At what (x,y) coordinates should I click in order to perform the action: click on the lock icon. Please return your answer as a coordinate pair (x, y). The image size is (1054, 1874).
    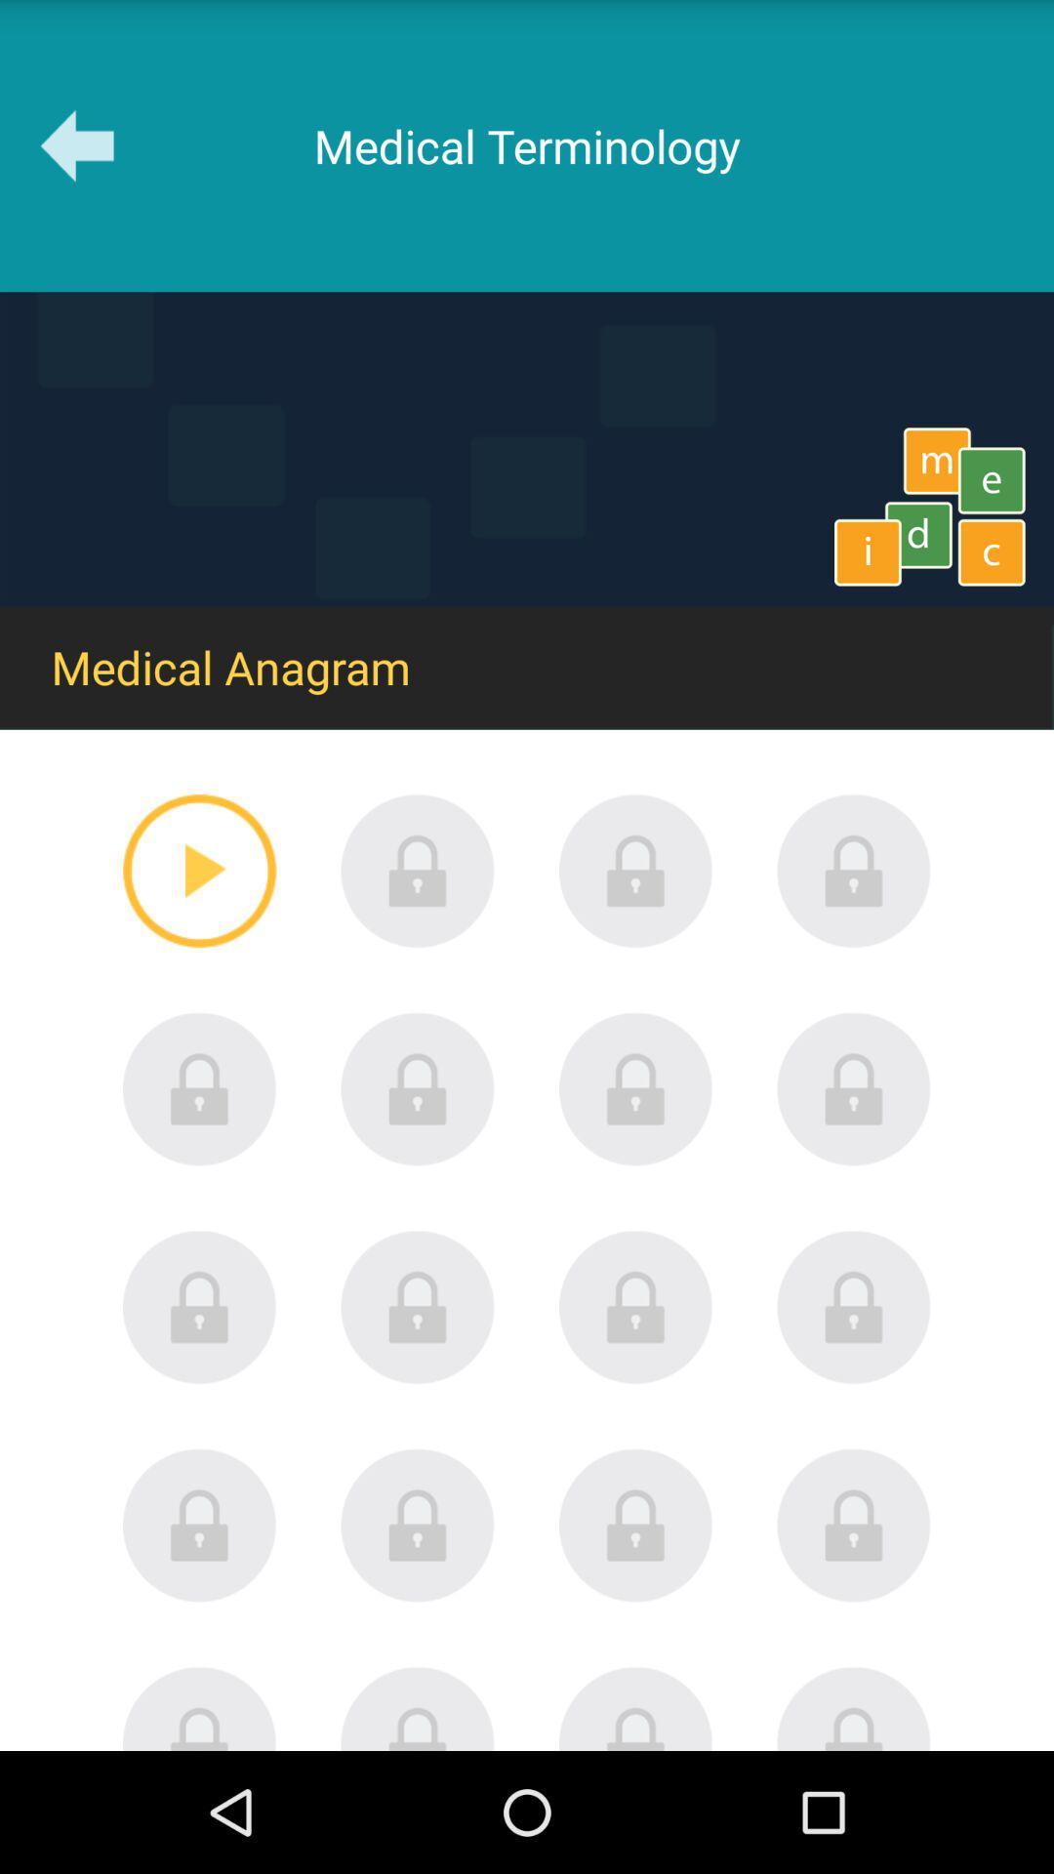
    Looking at the image, I should click on (635, 931).